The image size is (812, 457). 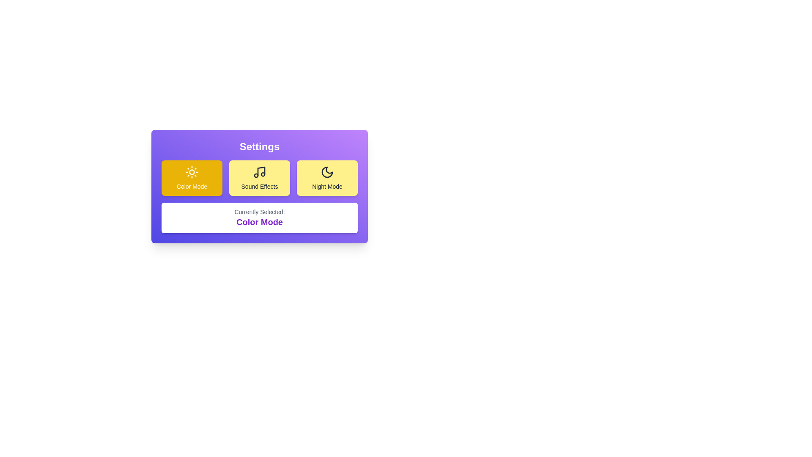 I want to click on the button corresponding to the preference option 'Night Mode', so click(x=326, y=177).